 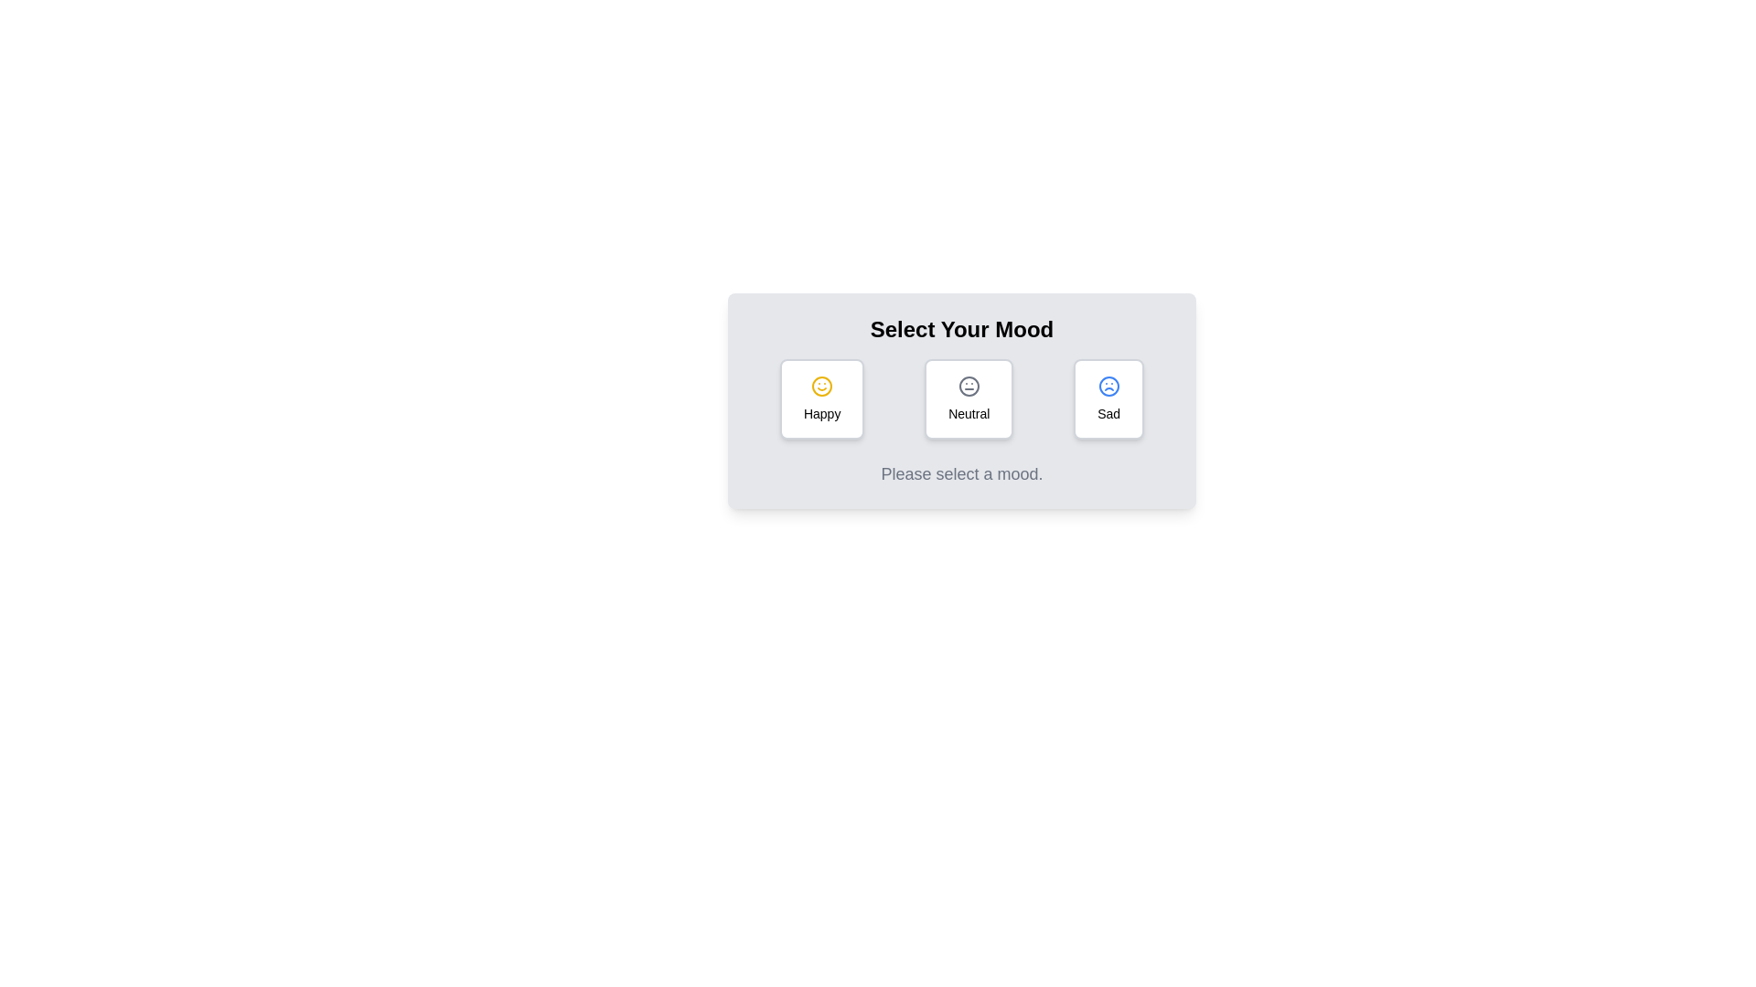 I want to click on the circular graphical element representing the neutral mood option in the SVG structure under the 'Select Your Mood' title, so click(x=968, y=386).